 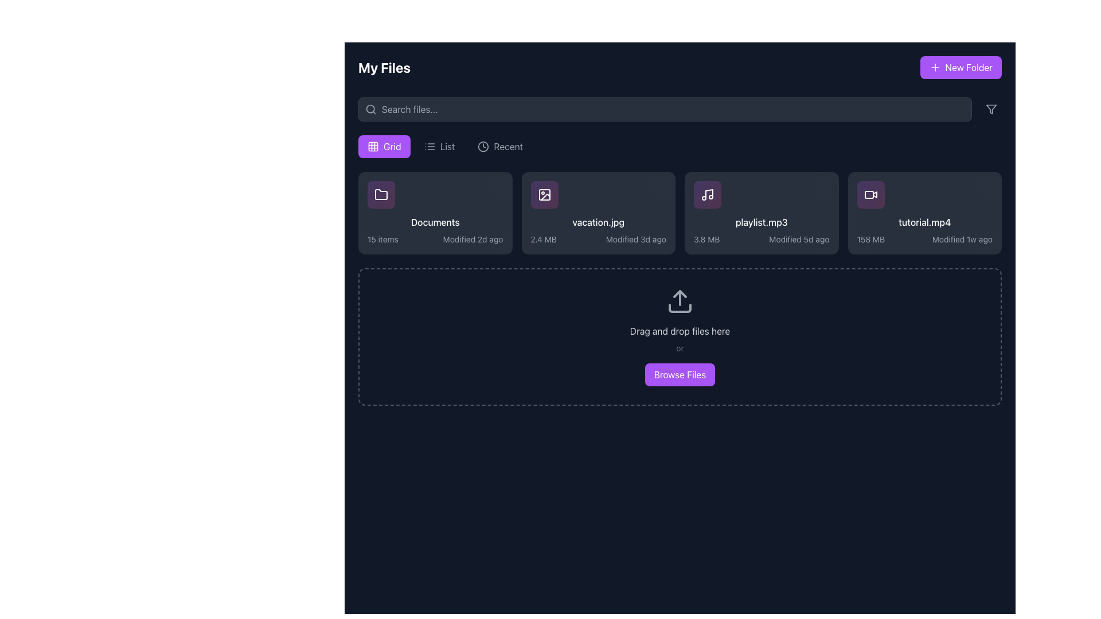 I want to click on the SVG icon styled with a folder outline, located next to the label 'Documents' within the first item of the file grid, so click(x=381, y=194).